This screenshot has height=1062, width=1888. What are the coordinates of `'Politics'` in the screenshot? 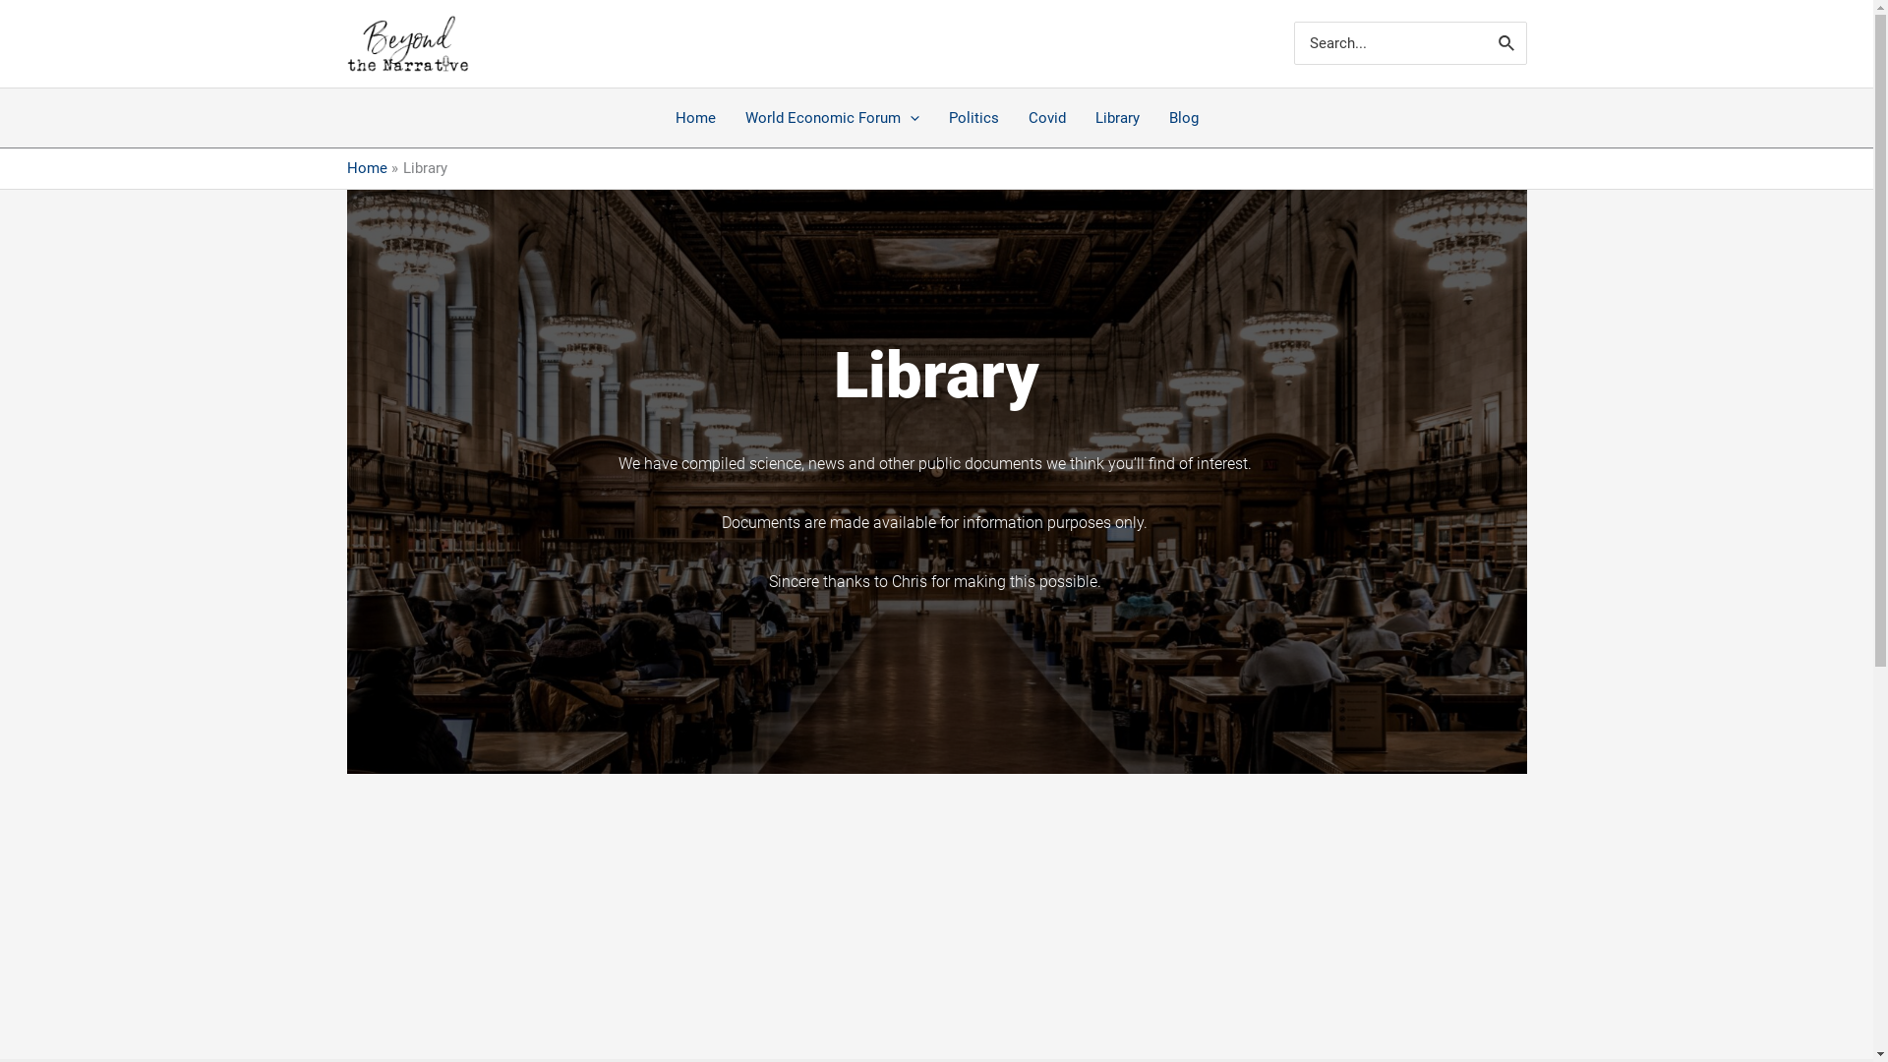 It's located at (973, 117).